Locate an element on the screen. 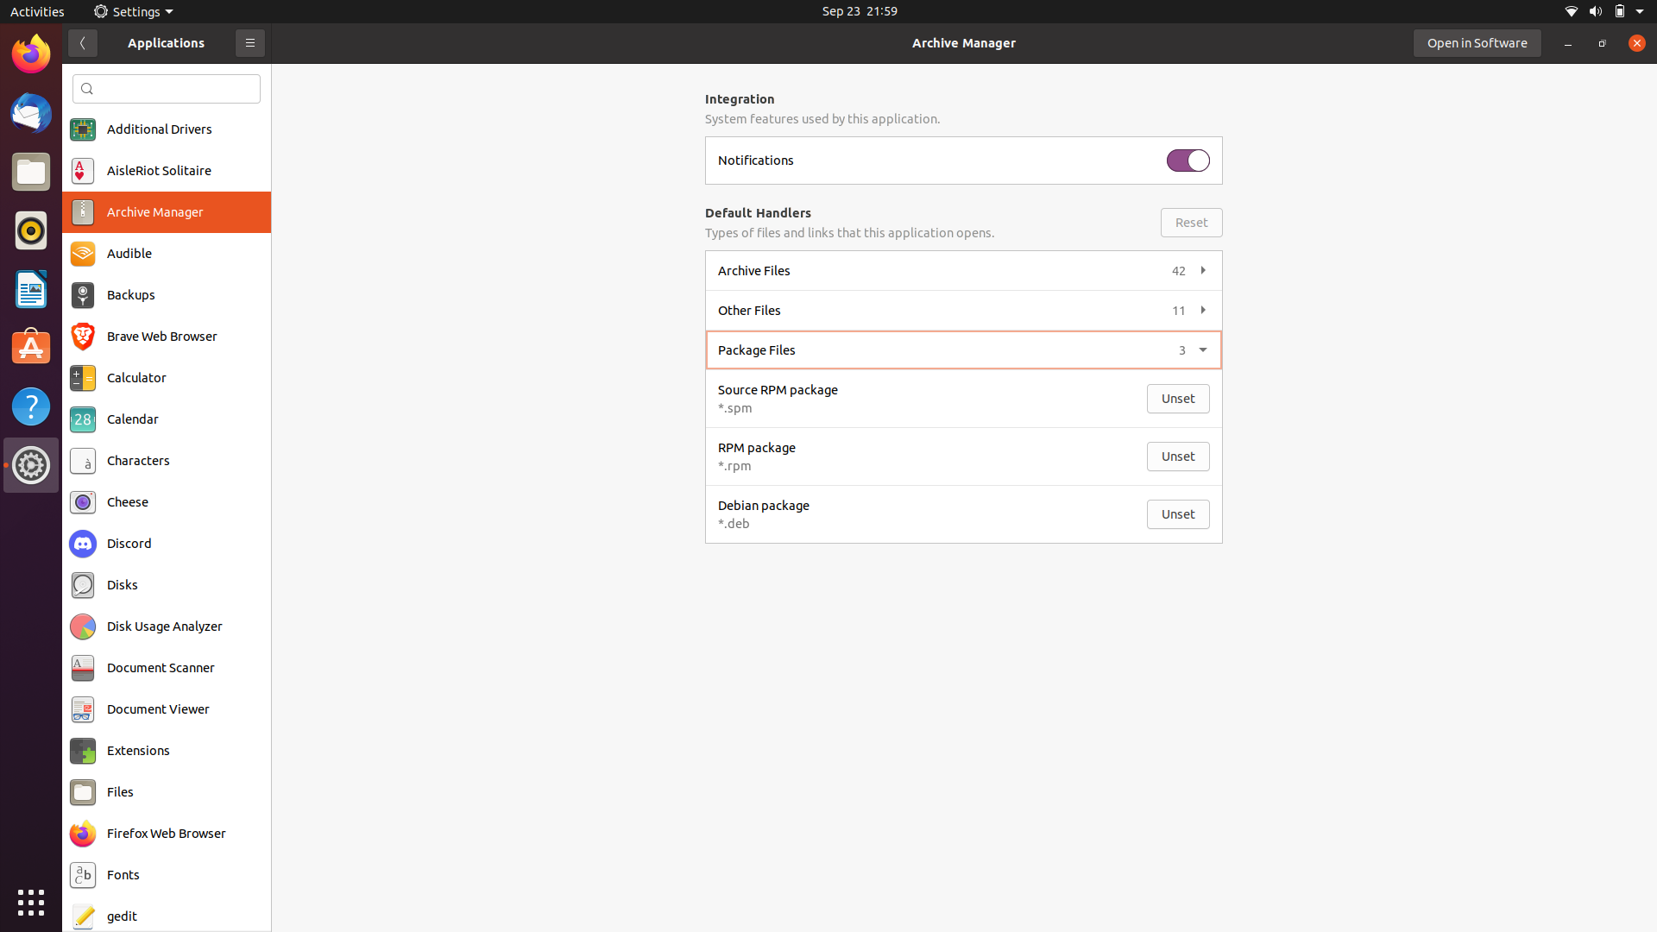 The image size is (1657, 932). the size of the current screen window is located at coordinates (1570, 42).